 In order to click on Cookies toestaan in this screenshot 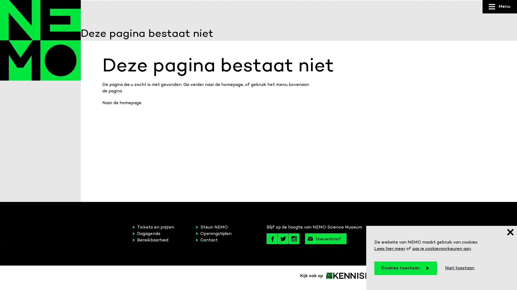, I will do `click(406, 268)`.